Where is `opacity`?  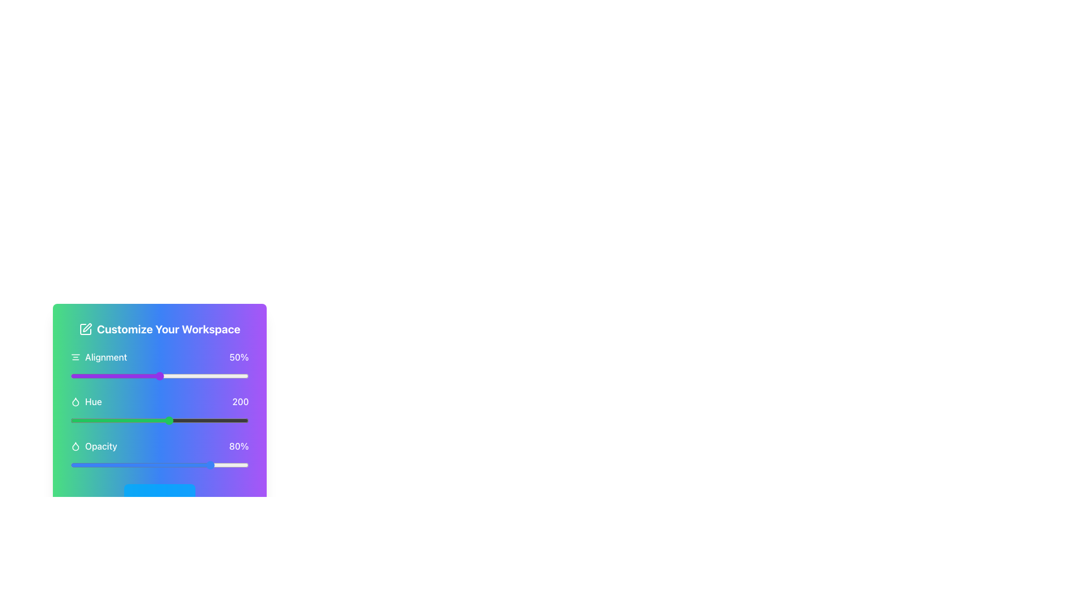 opacity is located at coordinates (97, 465).